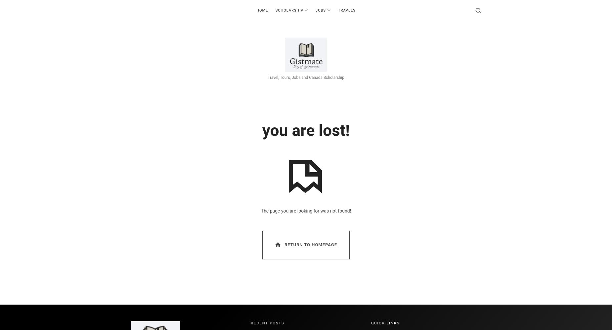  Describe the element at coordinates (315, 10) in the screenshot. I see `'Jobs'` at that location.